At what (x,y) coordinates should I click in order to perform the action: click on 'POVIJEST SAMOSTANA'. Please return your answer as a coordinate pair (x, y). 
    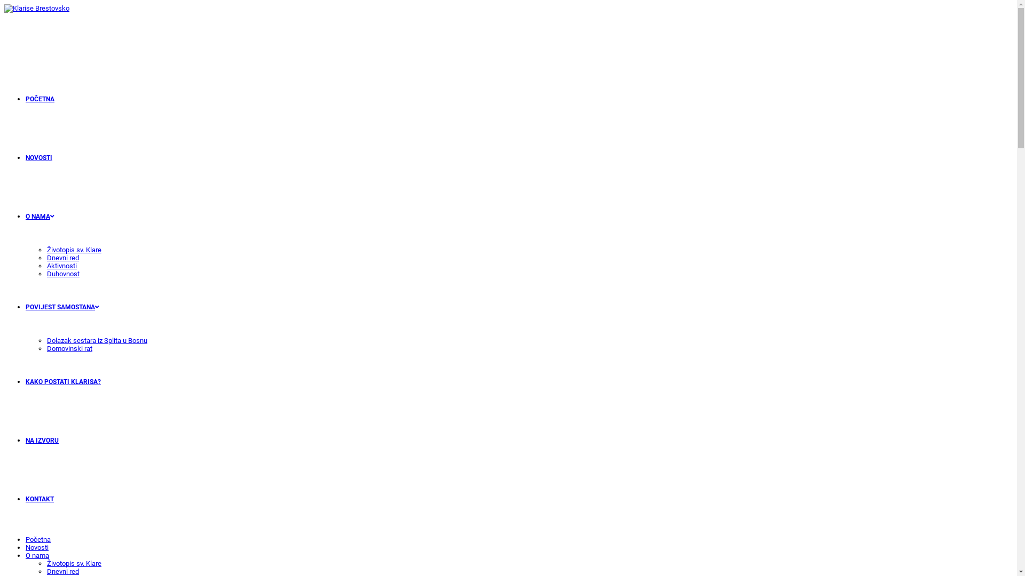
    Looking at the image, I should click on (61, 307).